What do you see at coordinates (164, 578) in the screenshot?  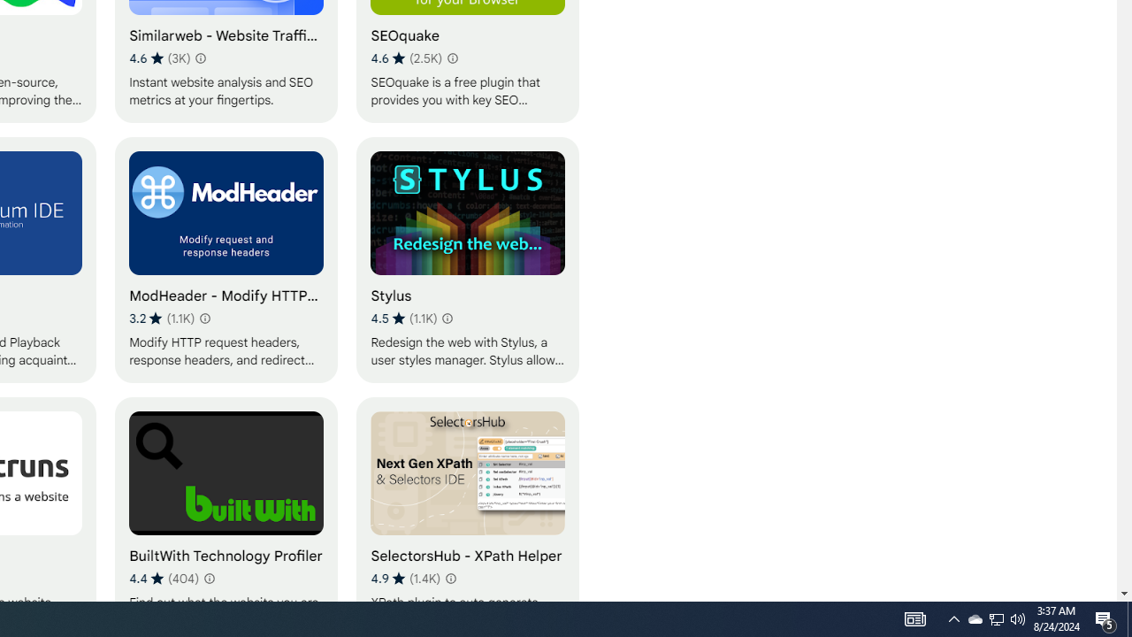 I see `'Average rating 4.4 out of 5 stars. 404 ratings.'` at bounding box center [164, 578].